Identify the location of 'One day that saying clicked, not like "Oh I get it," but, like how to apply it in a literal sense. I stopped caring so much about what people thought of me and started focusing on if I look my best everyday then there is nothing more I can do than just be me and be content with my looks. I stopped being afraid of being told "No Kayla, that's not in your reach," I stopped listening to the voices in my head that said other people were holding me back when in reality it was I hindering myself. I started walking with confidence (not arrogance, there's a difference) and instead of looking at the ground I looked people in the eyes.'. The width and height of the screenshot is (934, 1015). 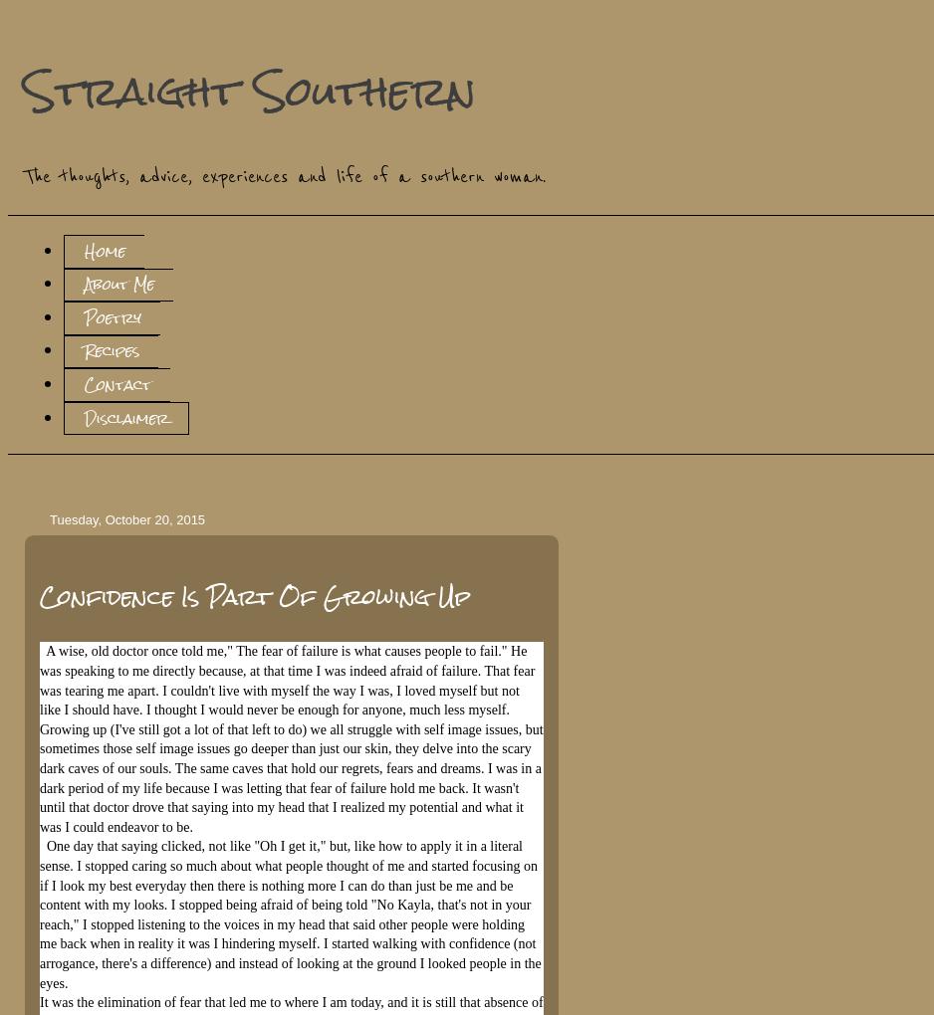
(38, 914).